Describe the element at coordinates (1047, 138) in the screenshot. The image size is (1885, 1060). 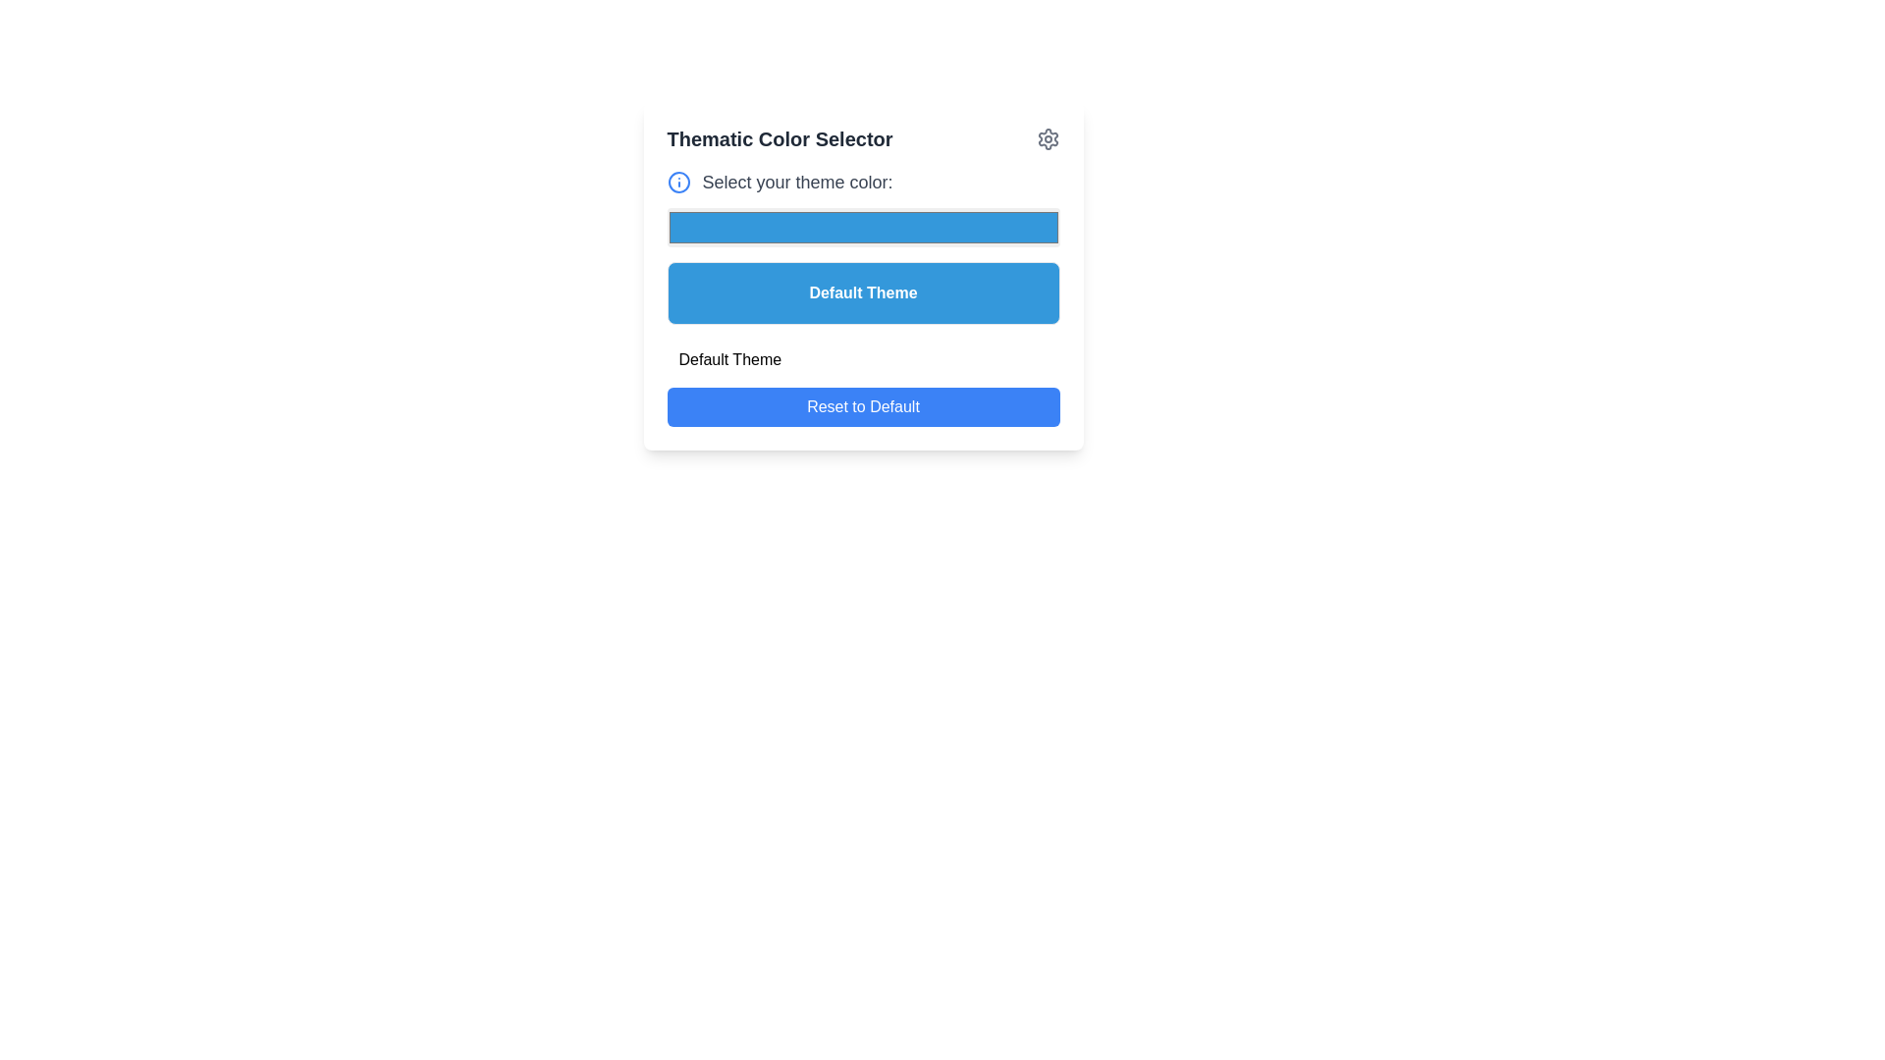
I see `the gear icon in the top-right corner of the 'Thematic Color Selector' card` at that location.